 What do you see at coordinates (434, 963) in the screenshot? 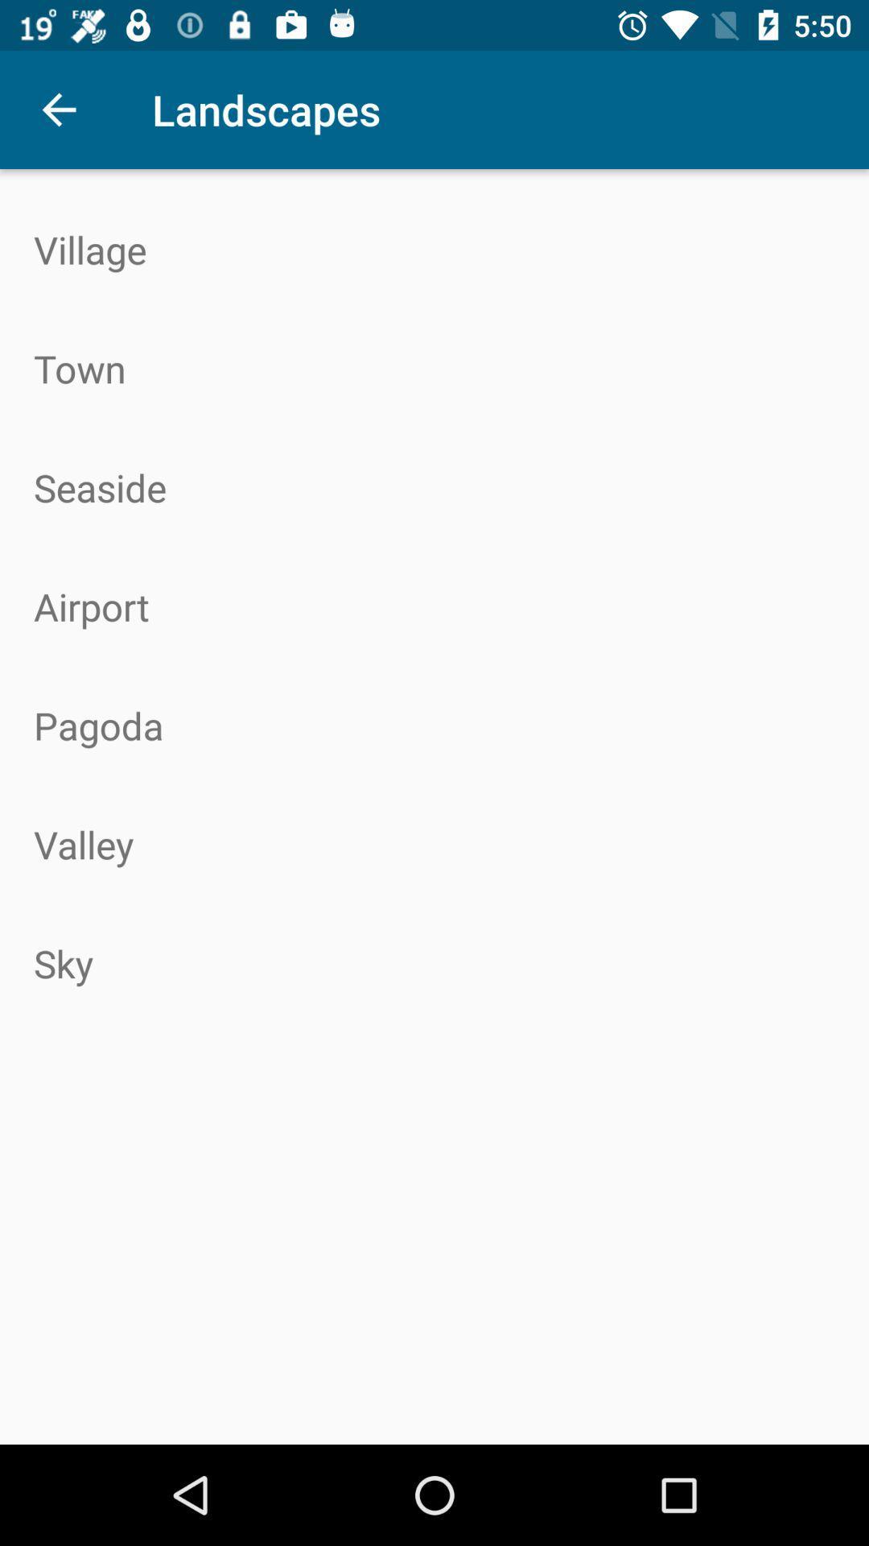
I see `sky` at bounding box center [434, 963].